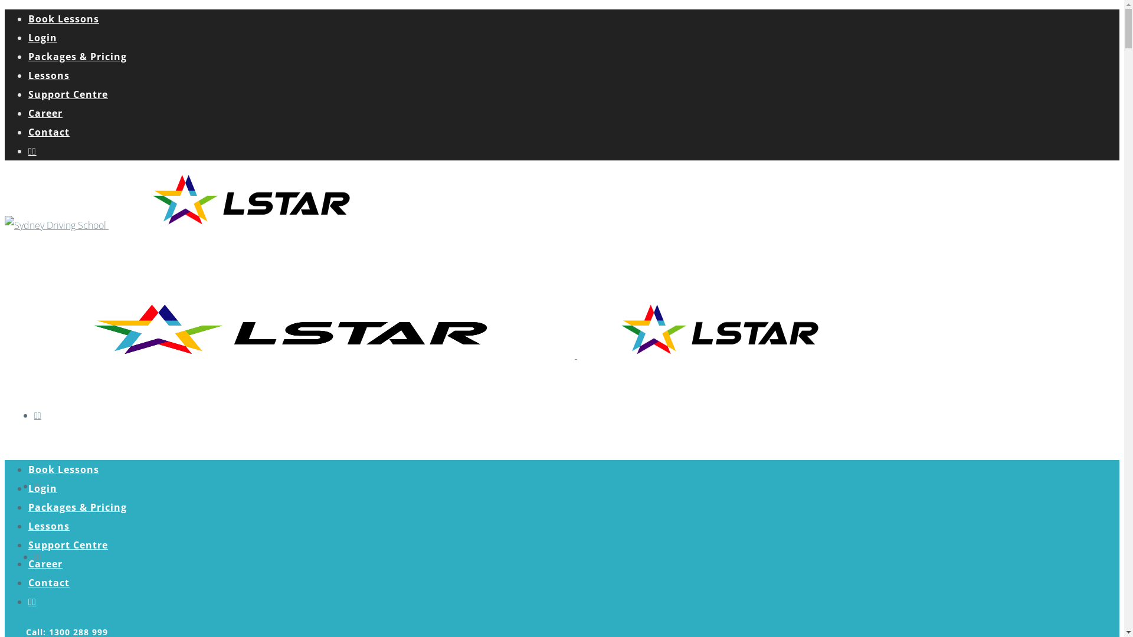 This screenshot has height=637, width=1133. Describe the element at coordinates (45, 113) in the screenshot. I see `'Career'` at that location.